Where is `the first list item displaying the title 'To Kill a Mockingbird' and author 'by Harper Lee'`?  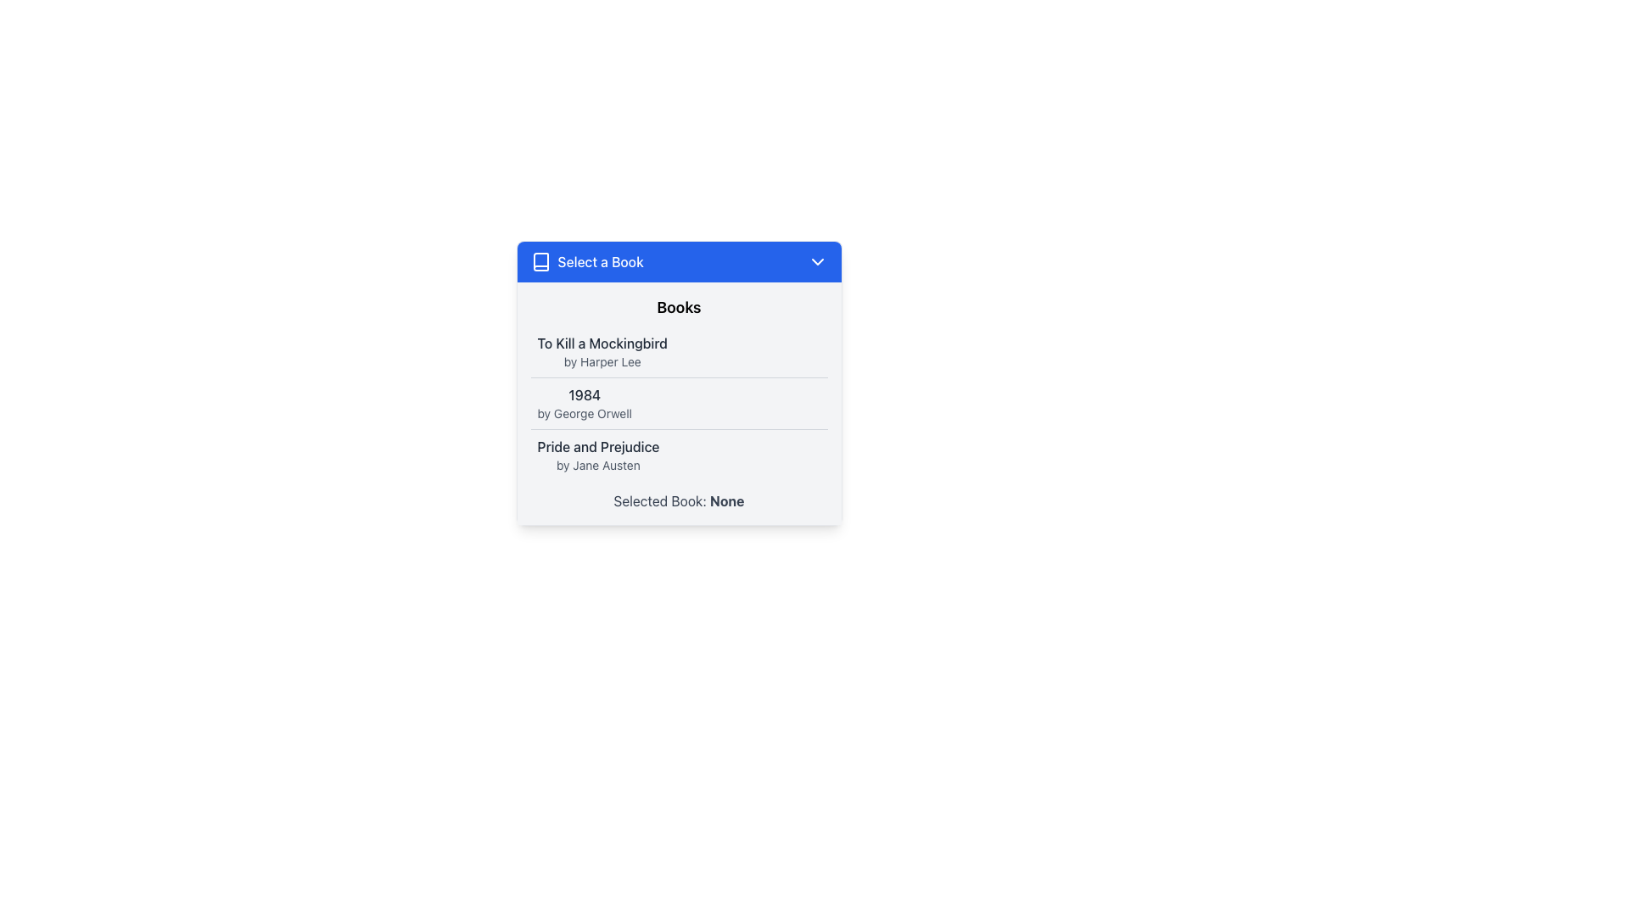
the first list item displaying the title 'To Kill a Mockingbird' and author 'by Harper Lee' is located at coordinates (602, 351).